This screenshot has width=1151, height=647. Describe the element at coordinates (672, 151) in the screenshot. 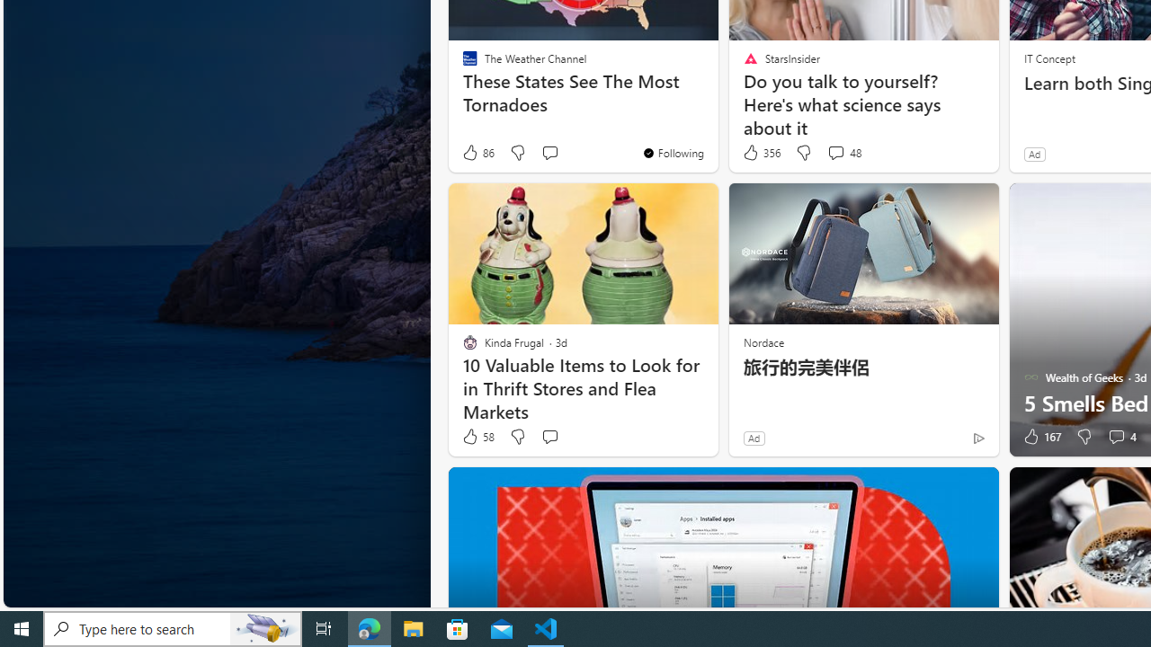

I see `'You'` at that location.